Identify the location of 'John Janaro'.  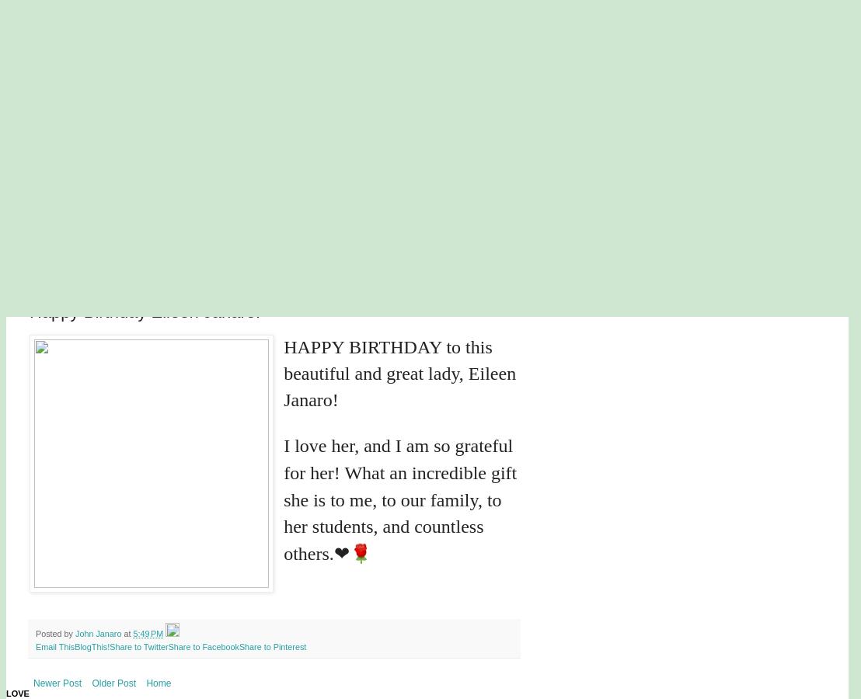
(98, 633).